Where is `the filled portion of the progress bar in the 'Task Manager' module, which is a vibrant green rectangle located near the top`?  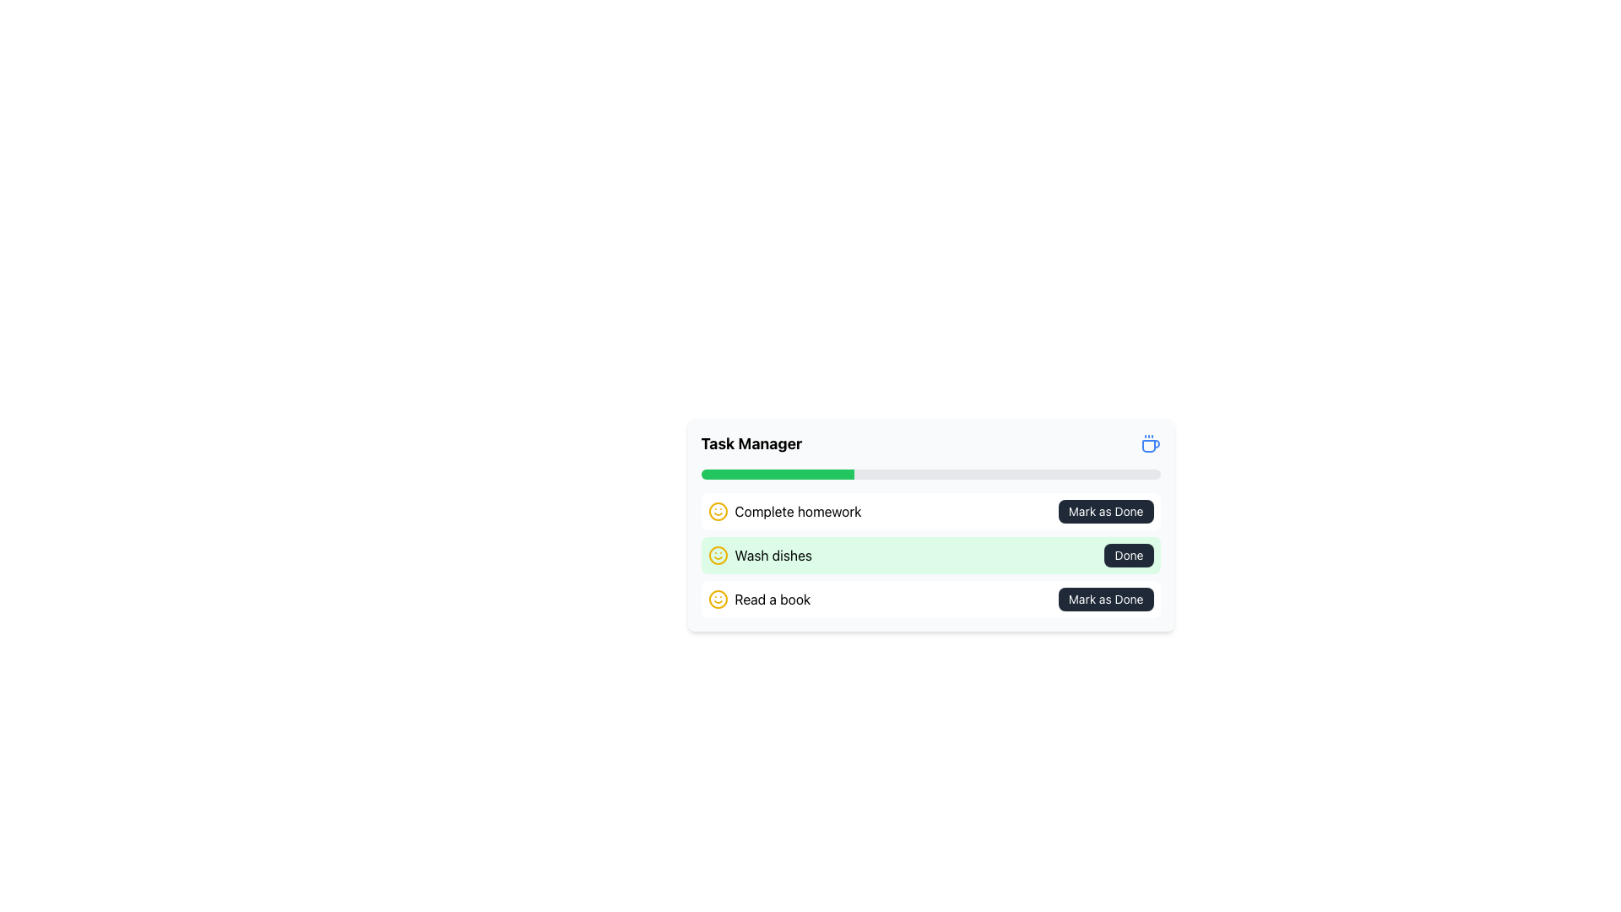 the filled portion of the progress bar in the 'Task Manager' module, which is a vibrant green rectangle located near the top is located at coordinates (777, 475).